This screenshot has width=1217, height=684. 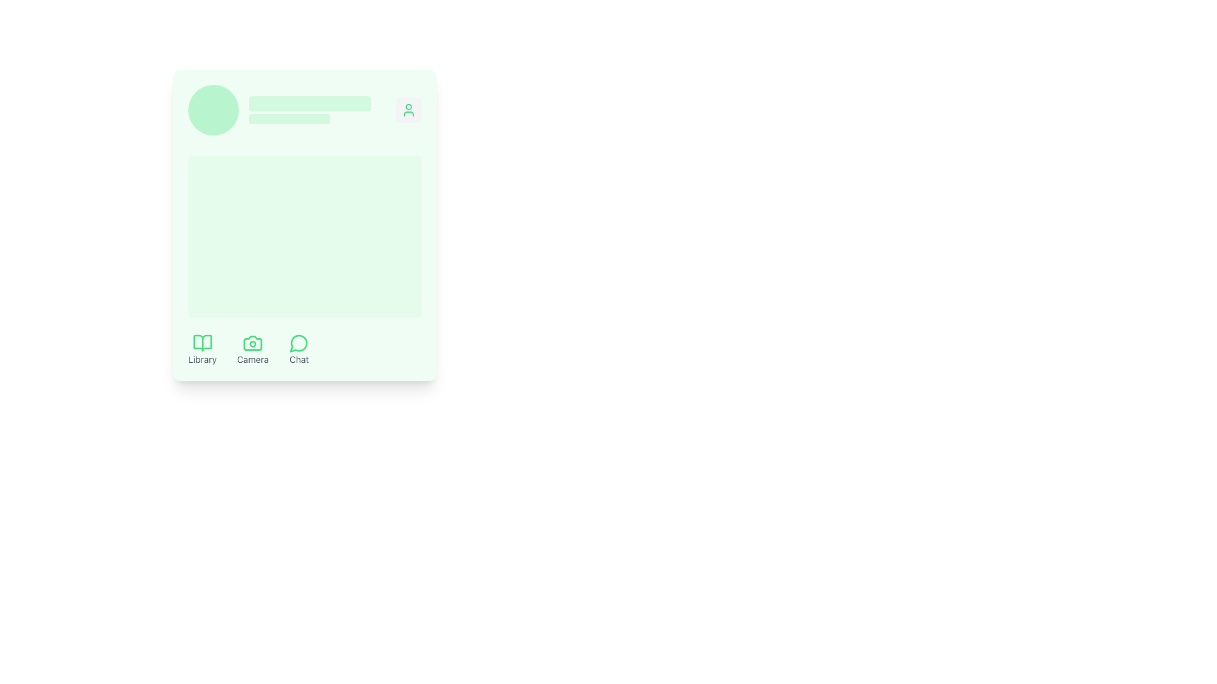 I want to click on the Navigation item icon, which is the second entry in the horizontal navigation bar at the bottom of the main content area, so click(x=248, y=349).